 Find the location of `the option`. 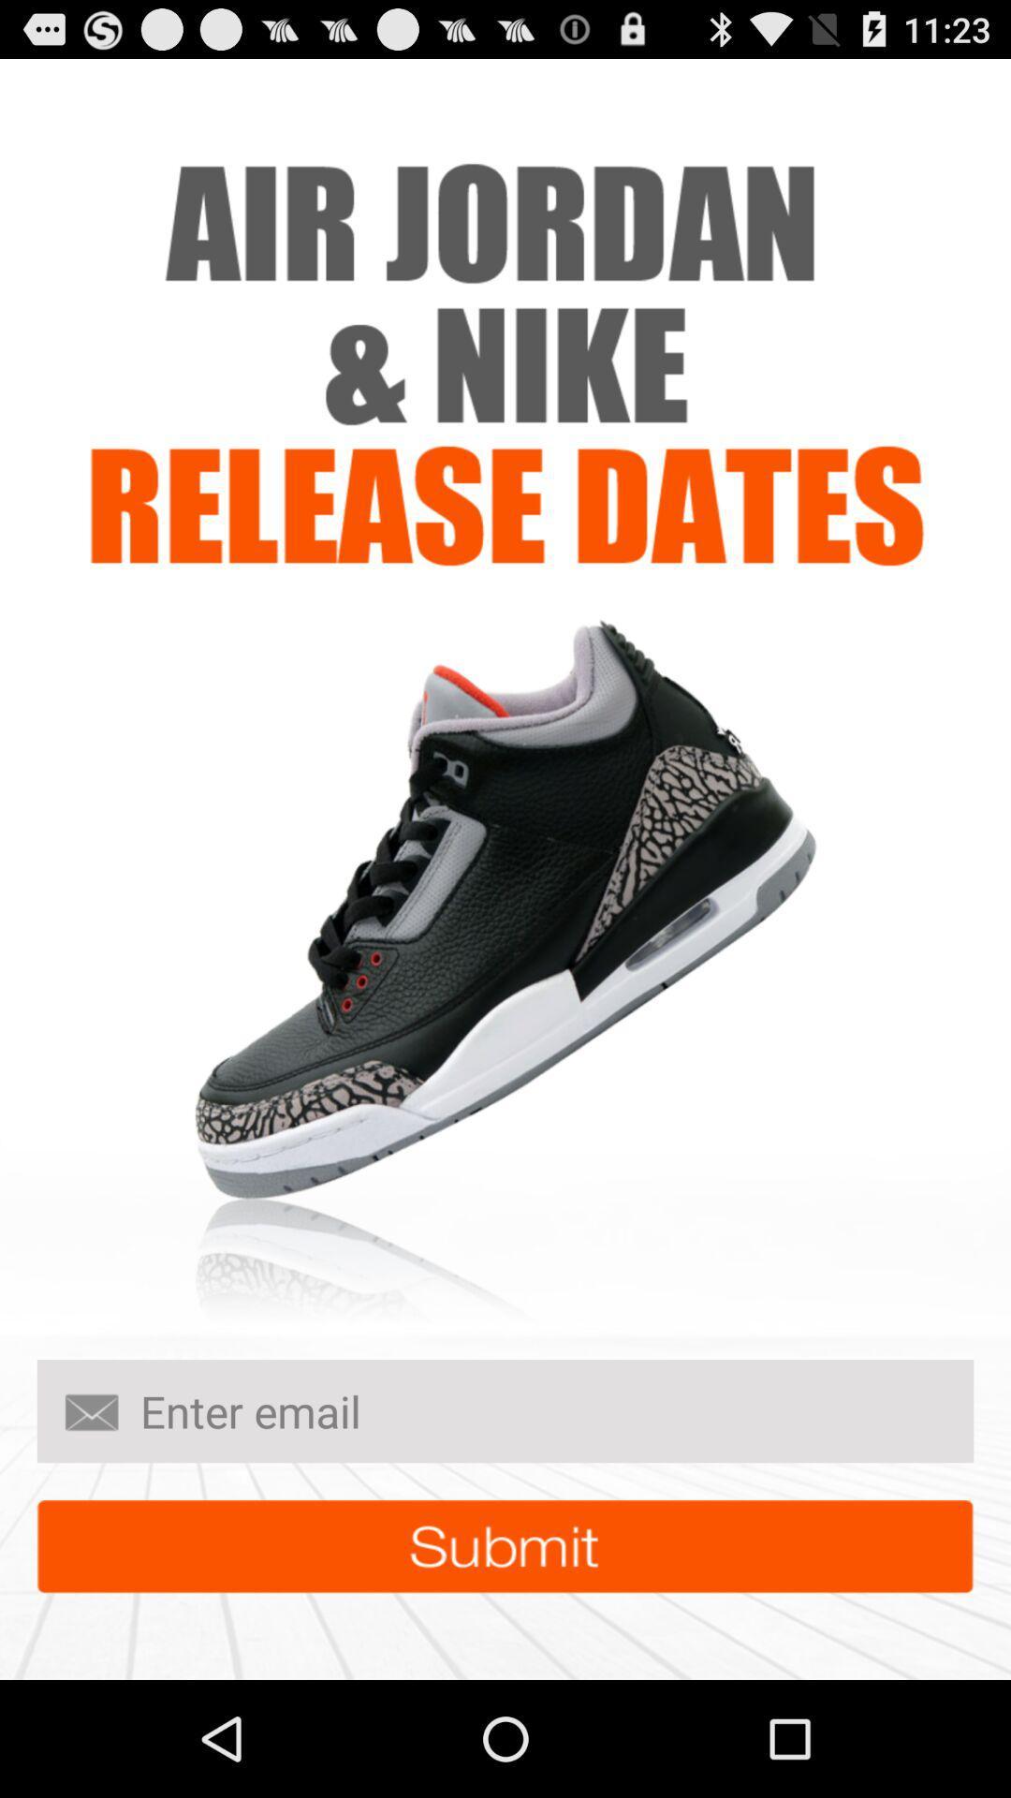

the option is located at coordinates (505, 1546).